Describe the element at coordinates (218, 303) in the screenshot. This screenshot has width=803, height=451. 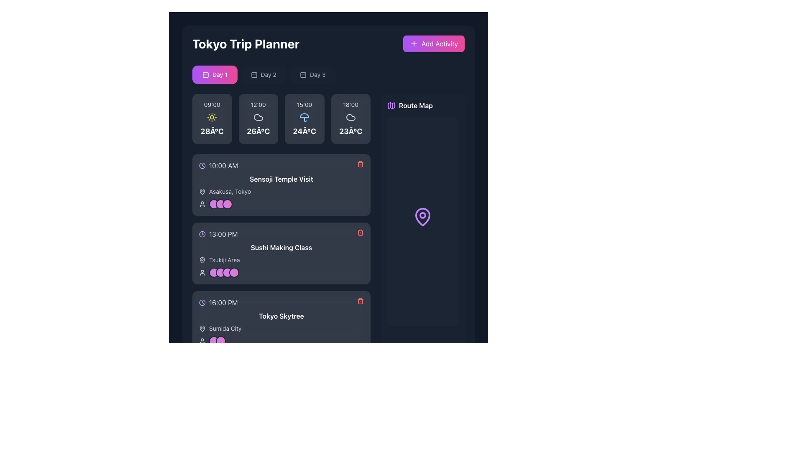
I see `the Label with icon indicating the time associated with the 'Tokyo Skytree' activity, located towards the left in the list item` at that location.